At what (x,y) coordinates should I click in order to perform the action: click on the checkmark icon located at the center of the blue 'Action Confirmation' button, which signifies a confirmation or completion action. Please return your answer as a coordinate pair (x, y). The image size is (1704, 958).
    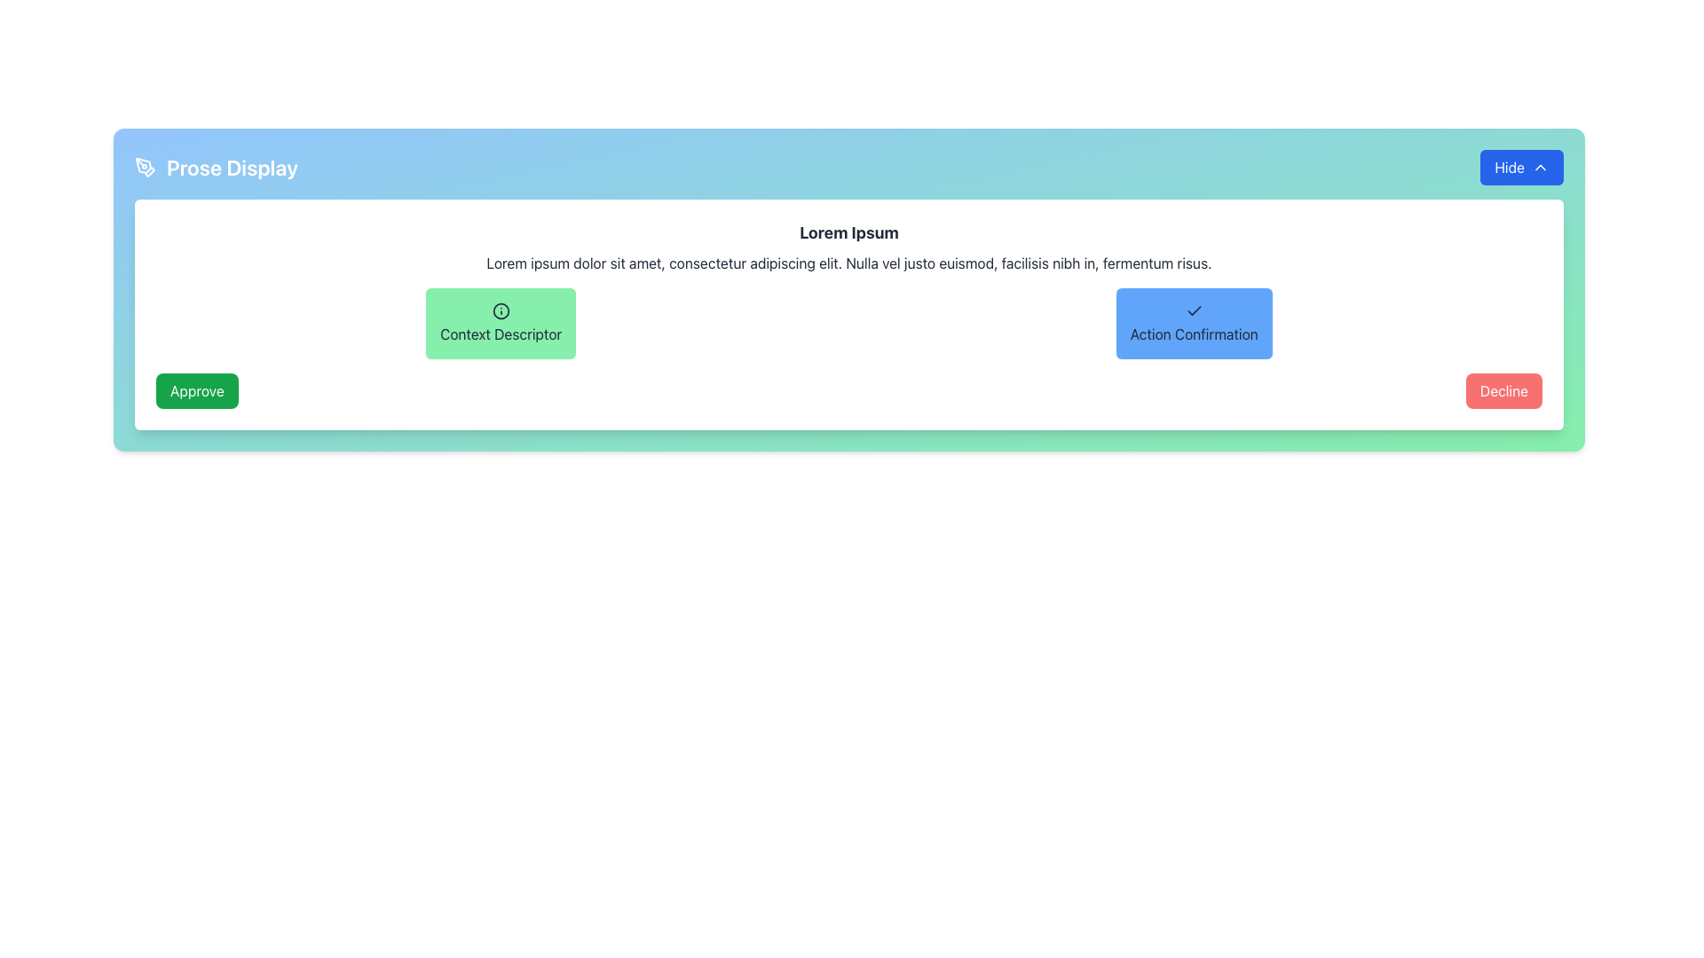
    Looking at the image, I should click on (1194, 310).